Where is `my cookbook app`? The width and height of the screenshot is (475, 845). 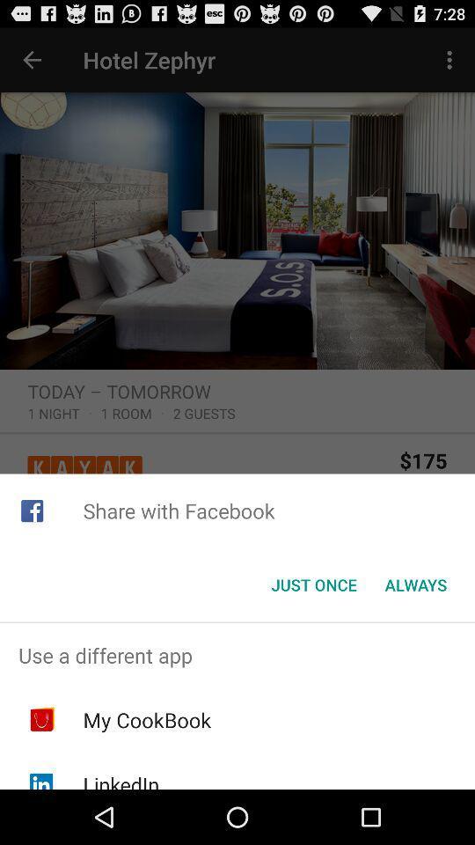 my cookbook app is located at coordinates (146, 720).